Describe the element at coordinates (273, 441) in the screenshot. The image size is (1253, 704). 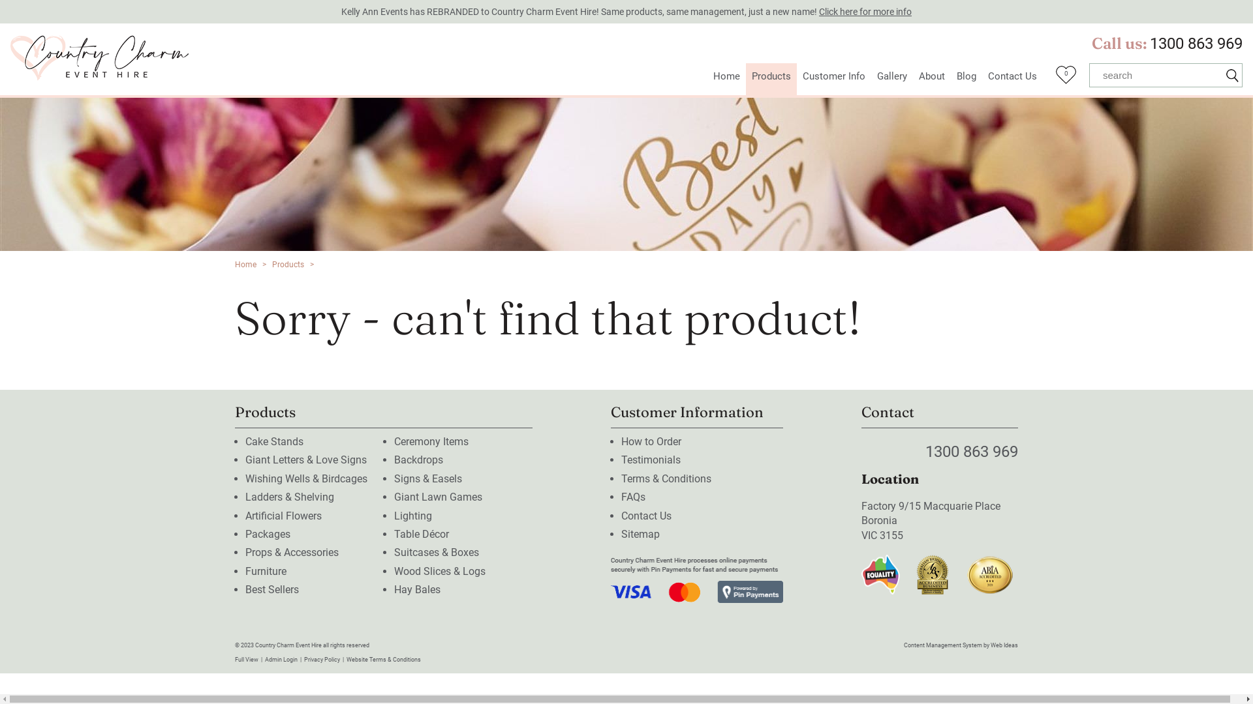
I see `'Cake Stands'` at that location.